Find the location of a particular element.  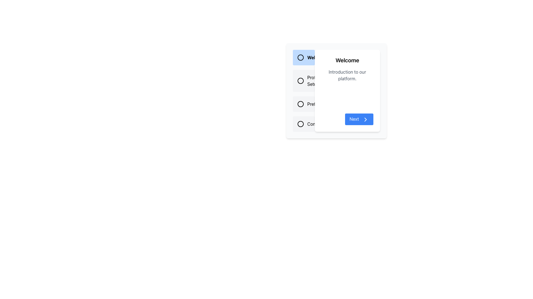

Static Text Label that says 'Introduction to our platform.' which is located below the 'Welcome' header and above the blue 'Next' button is located at coordinates (347, 75).